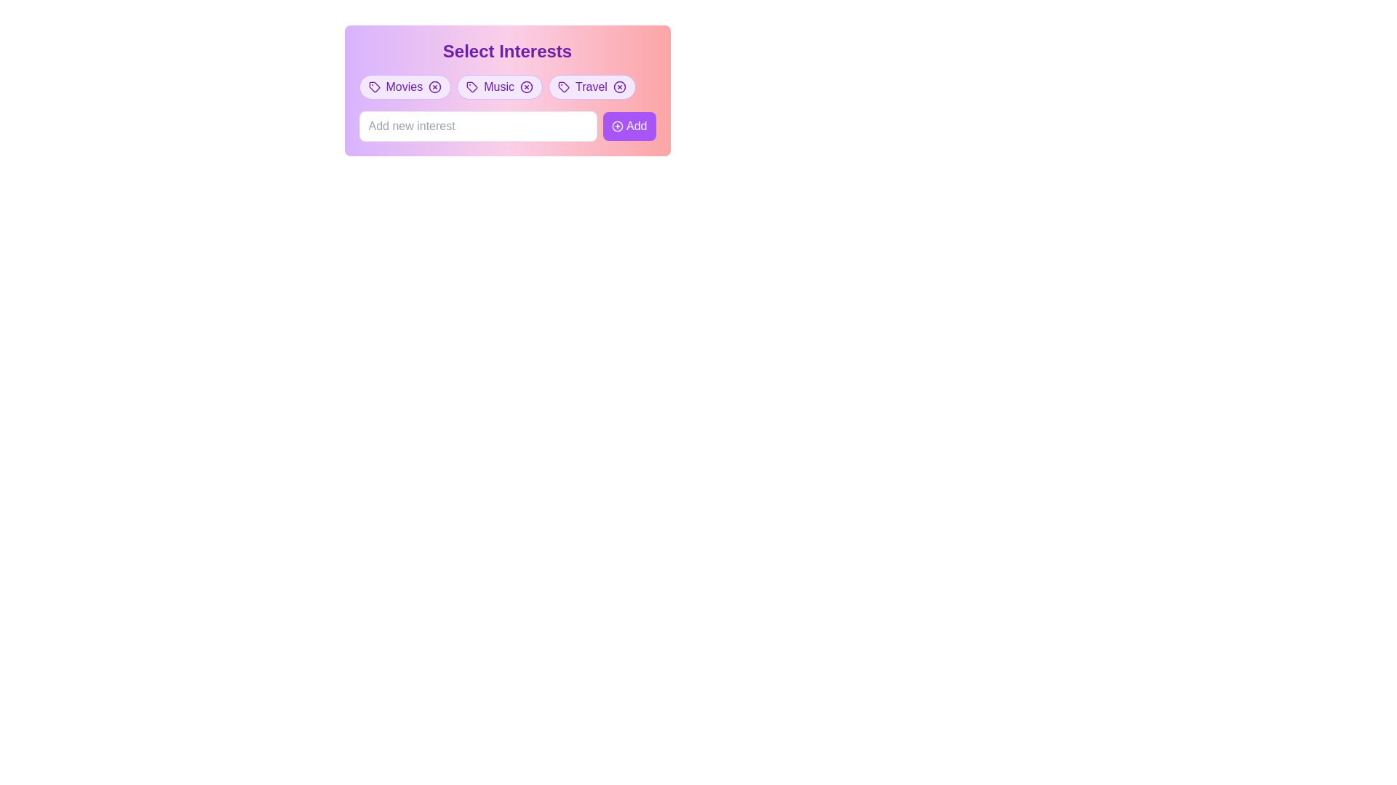  Describe the element at coordinates (618, 125) in the screenshot. I see `the decorative icon located within the purple 'Add' button to understand its functionality for adding a new item or interest` at that location.